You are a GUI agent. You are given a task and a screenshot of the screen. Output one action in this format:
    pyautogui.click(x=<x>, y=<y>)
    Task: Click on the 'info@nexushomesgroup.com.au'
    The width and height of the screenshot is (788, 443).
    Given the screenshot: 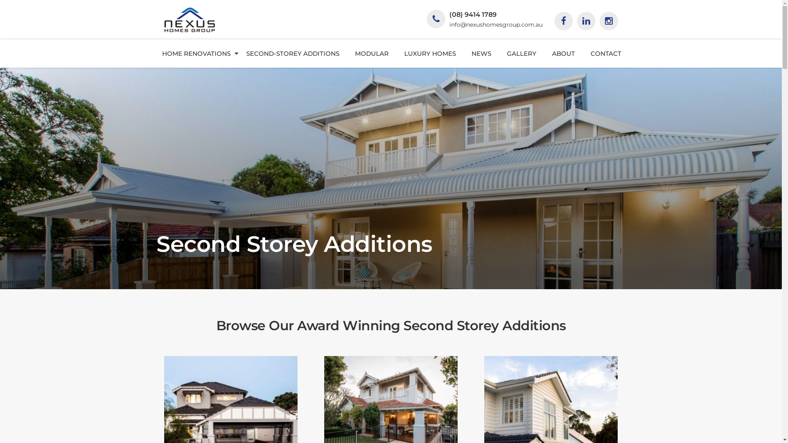 What is the action you would take?
    pyautogui.click(x=449, y=24)
    